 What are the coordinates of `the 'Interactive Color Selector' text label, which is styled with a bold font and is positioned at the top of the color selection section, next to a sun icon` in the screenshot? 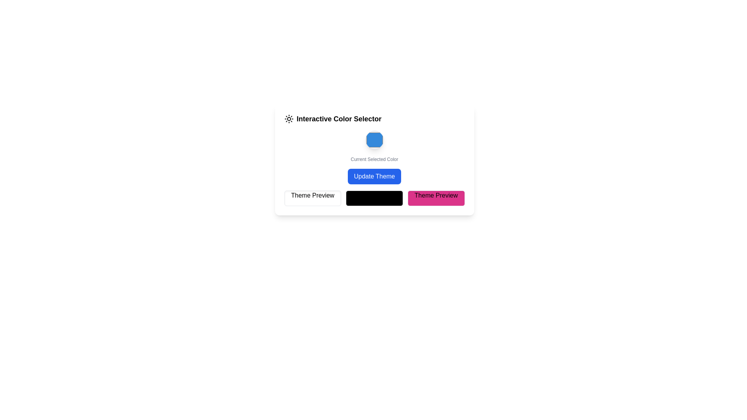 It's located at (339, 119).